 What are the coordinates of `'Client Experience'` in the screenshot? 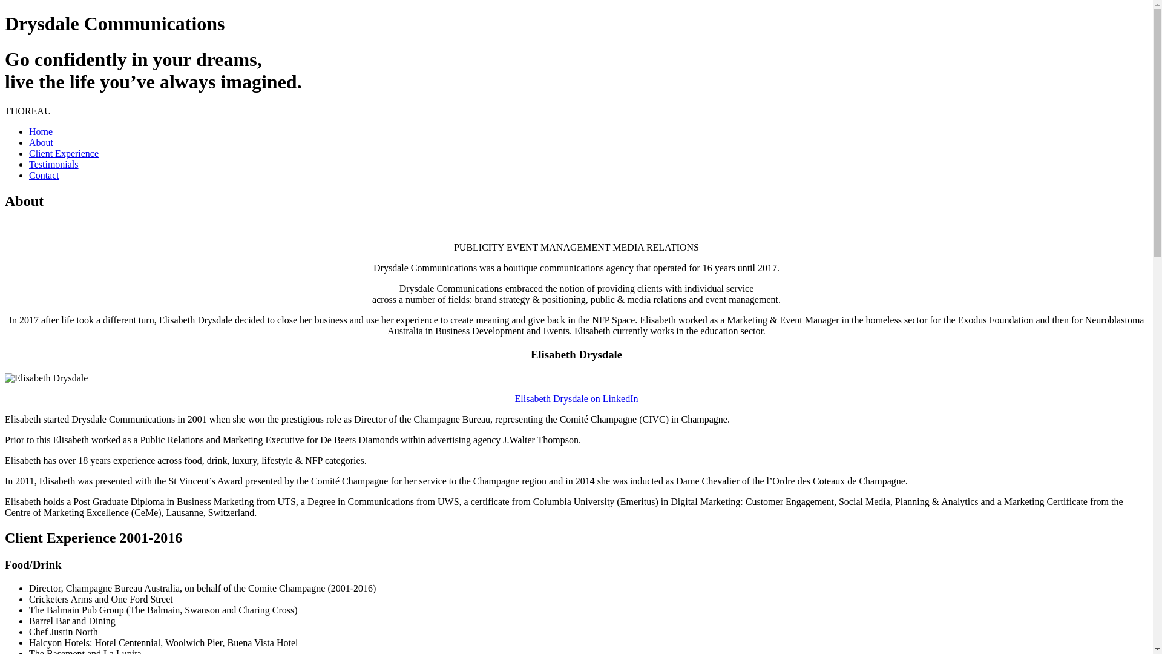 It's located at (63, 153).